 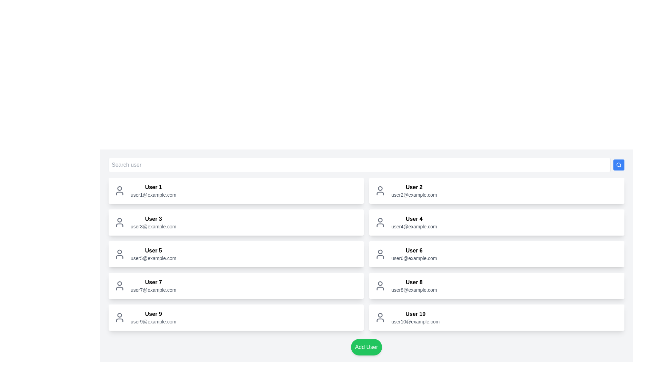 What do you see at coordinates (414, 222) in the screenshot?
I see `the styled text element that identifies 'User 4' in the right column, second row of the user profiles layout` at bounding box center [414, 222].